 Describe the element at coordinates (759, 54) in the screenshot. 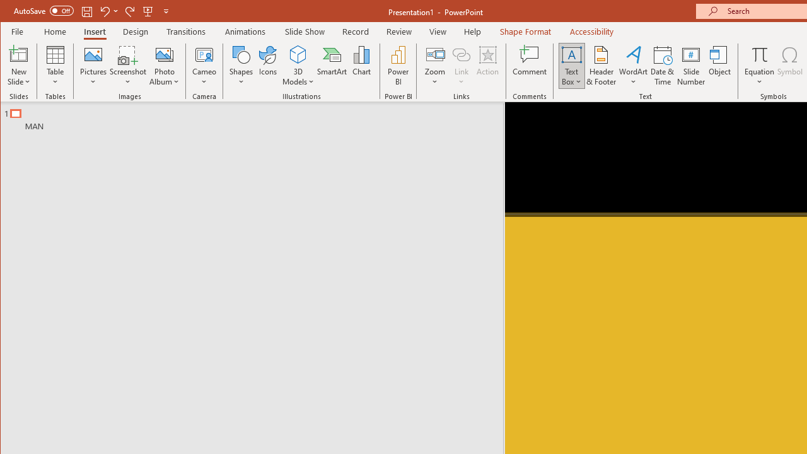

I see `'Equation'` at that location.